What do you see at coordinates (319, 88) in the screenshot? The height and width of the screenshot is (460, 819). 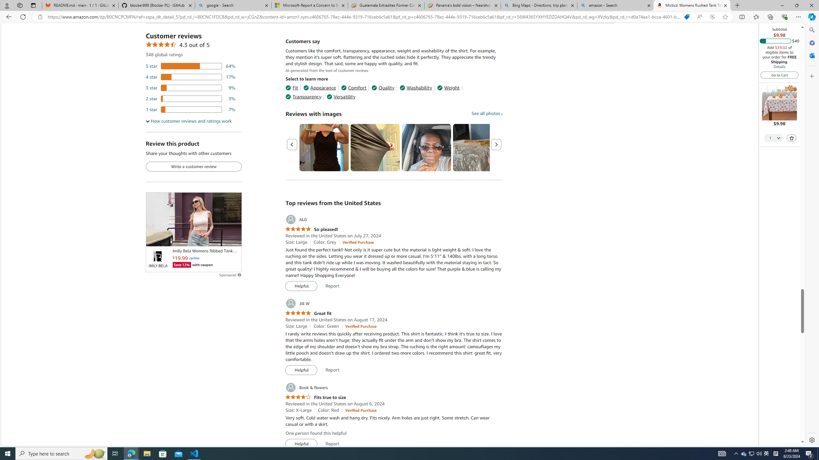 I see `'Appearance'` at bounding box center [319, 88].